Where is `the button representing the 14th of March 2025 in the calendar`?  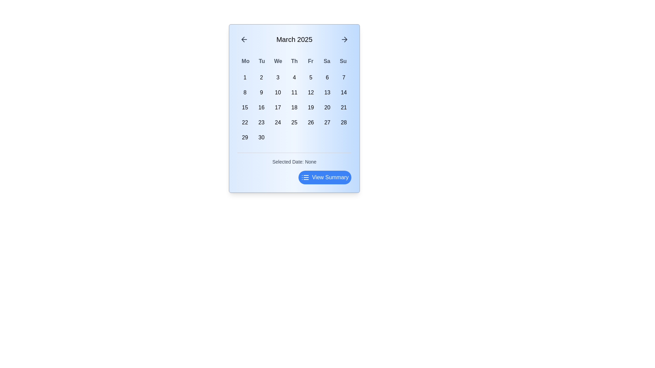
the button representing the 14th of March 2025 in the calendar is located at coordinates (344, 93).